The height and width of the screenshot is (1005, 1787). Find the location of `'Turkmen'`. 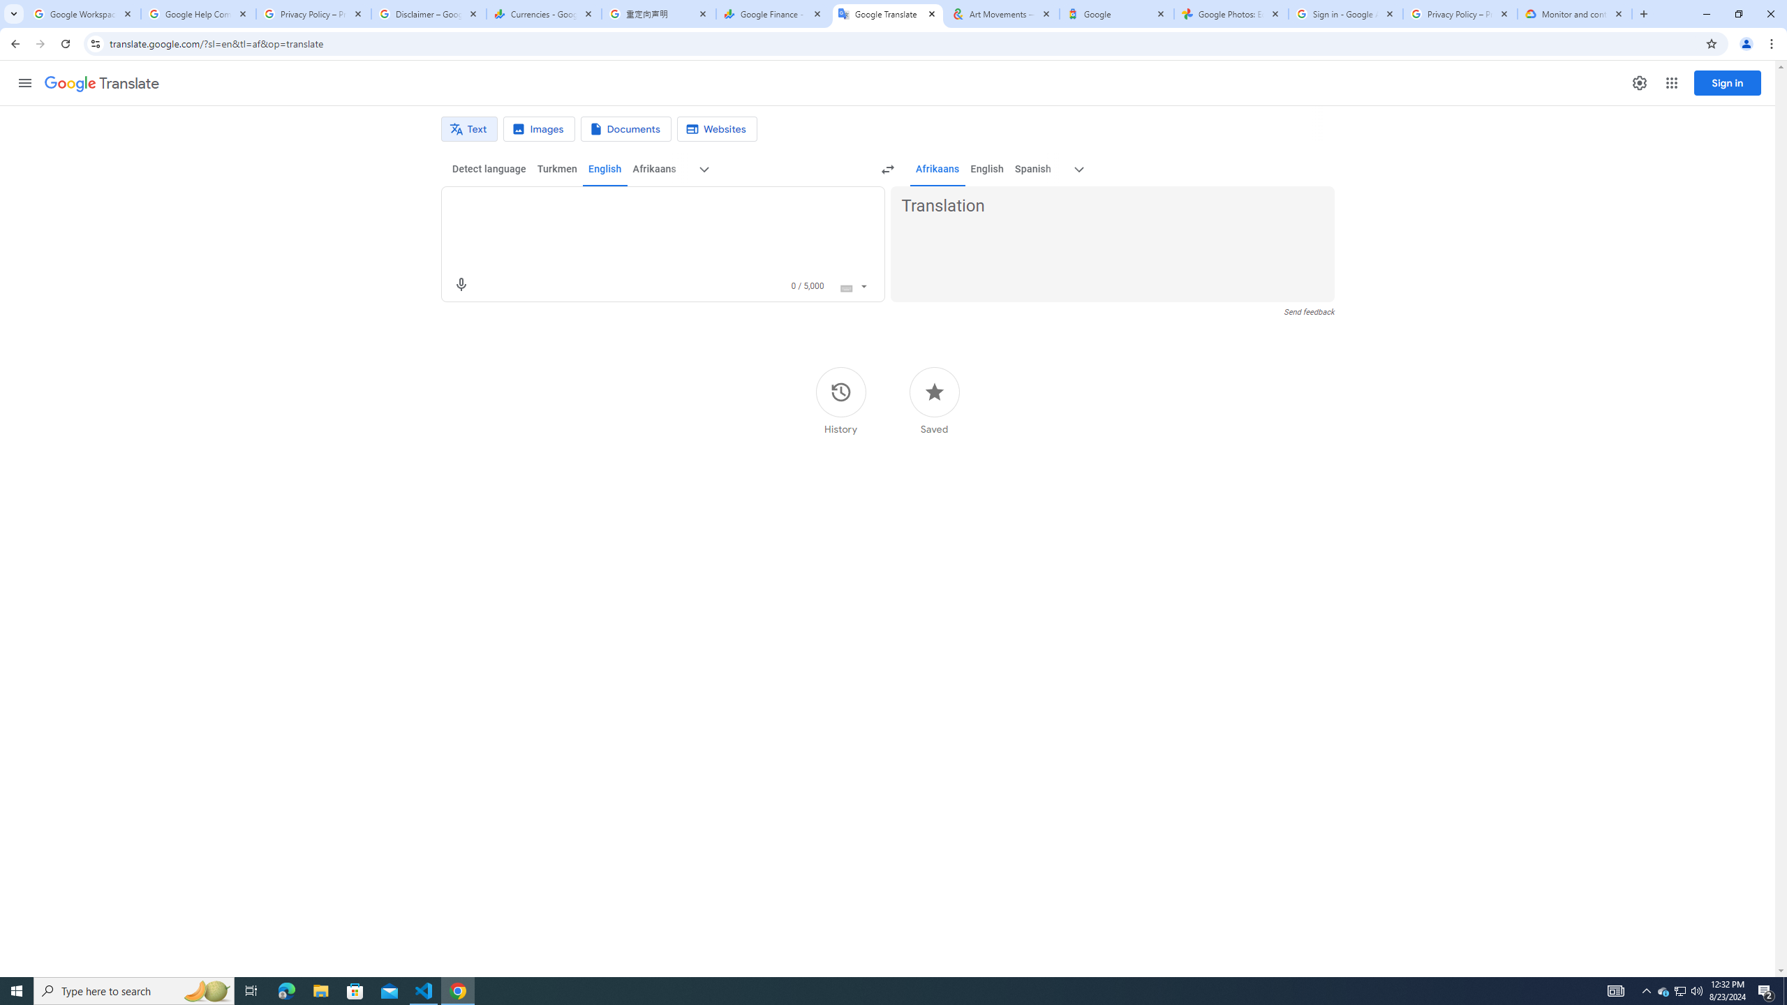

'Turkmen' is located at coordinates (556, 168).